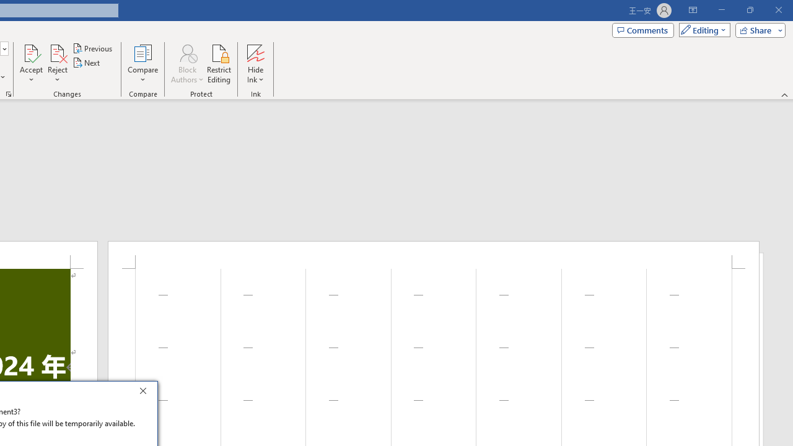 Image resolution: width=793 pixels, height=446 pixels. What do you see at coordinates (692, 10) in the screenshot?
I see `'Ribbon Display Options'` at bounding box center [692, 10].